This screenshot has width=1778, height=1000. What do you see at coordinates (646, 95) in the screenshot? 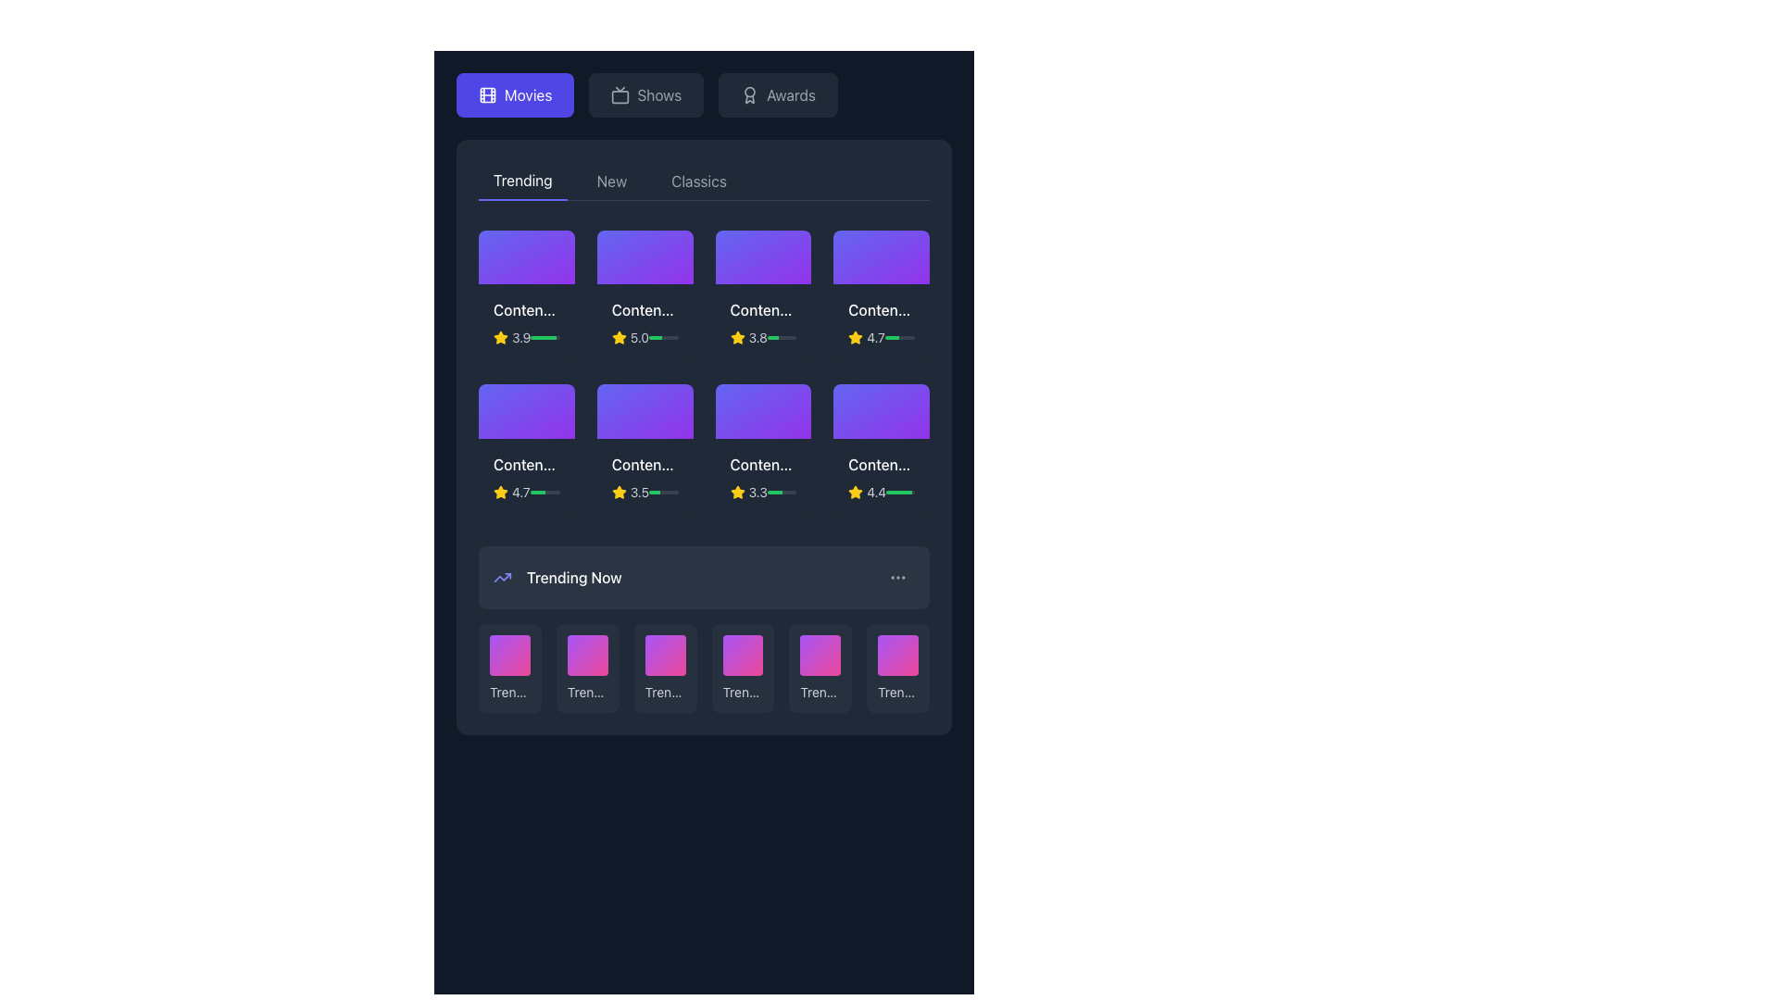
I see `the rectangular button with rounded corners labeled 'Shows', which is located between the 'Movies' and 'Awards' buttons` at bounding box center [646, 95].